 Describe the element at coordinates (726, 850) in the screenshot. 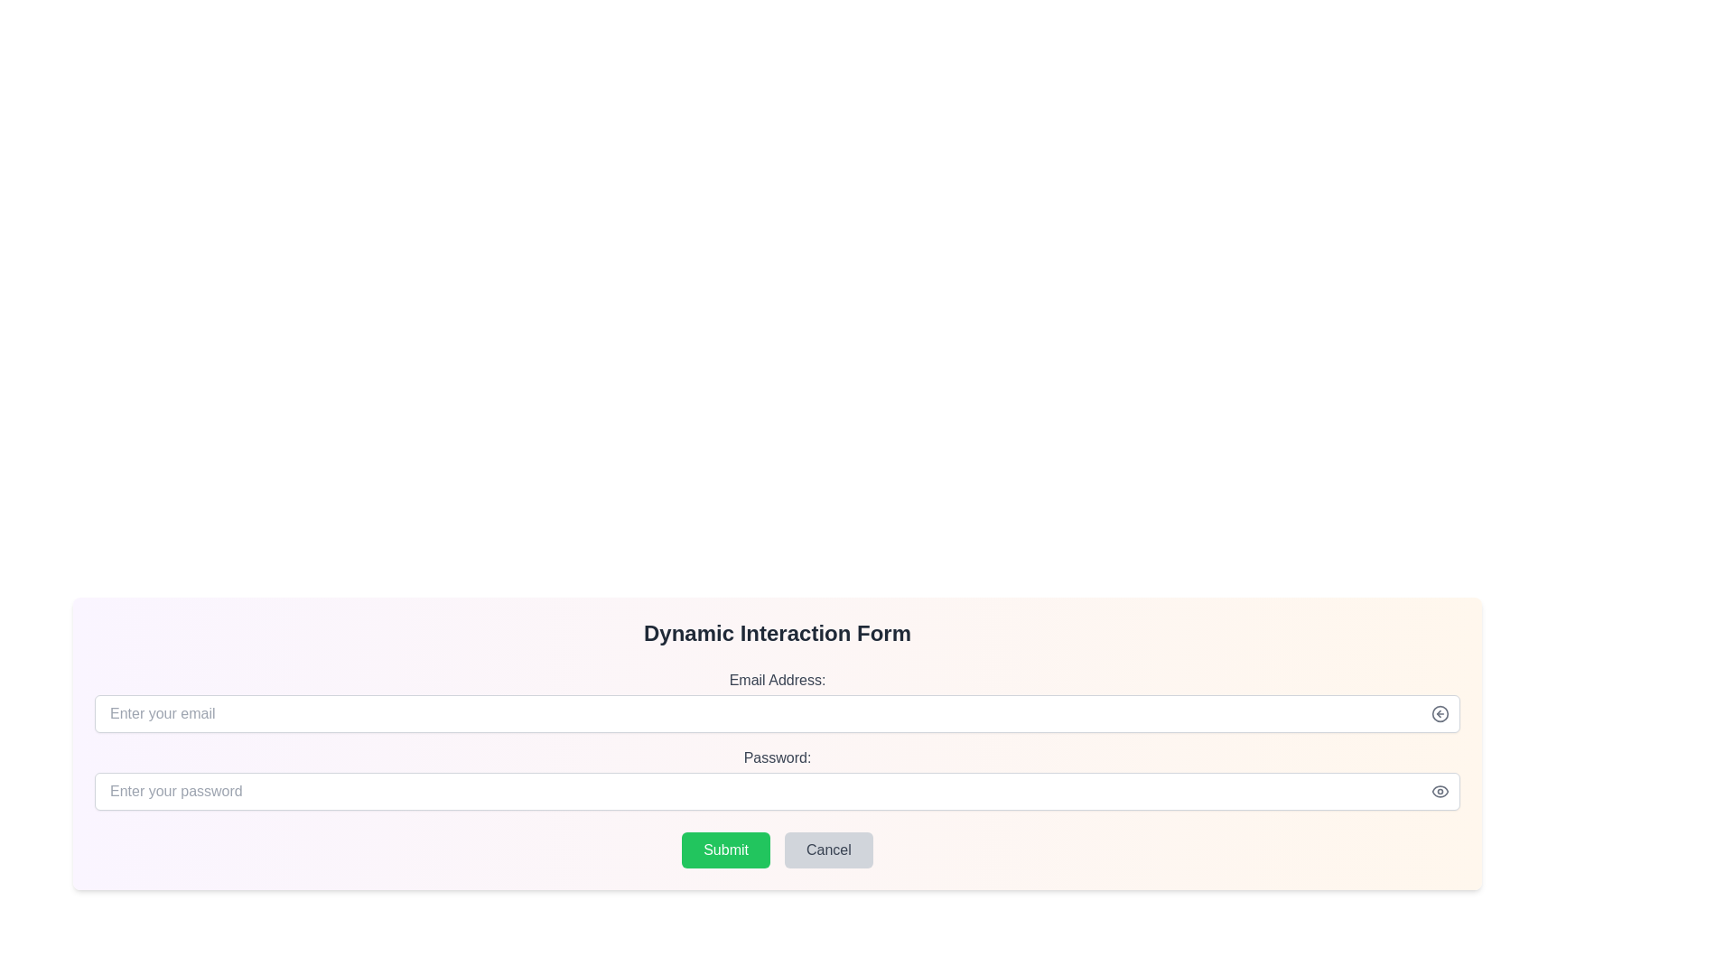

I see `the 'Submit' button, which is a rectangular button with a green background and white text, positioned at the bottom of the form` at that location.